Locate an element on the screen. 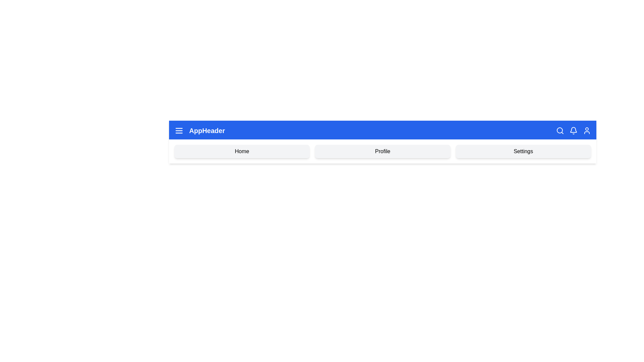 This screenshot has width=644, height=362. the search icon to open the search functionality is located at coordinates (560, 130).